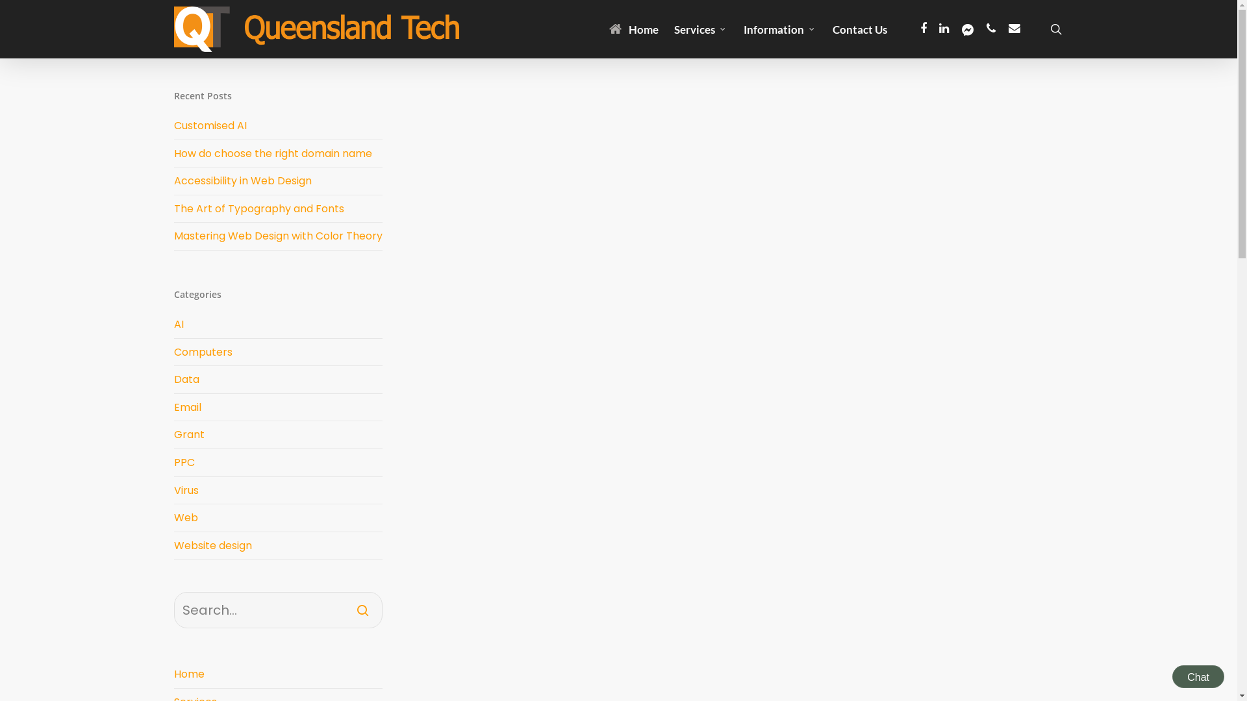  What do you see at coordinates (944, 29) in the screenshot?
I see `'linkedin'` at bounding box center [944, 29].